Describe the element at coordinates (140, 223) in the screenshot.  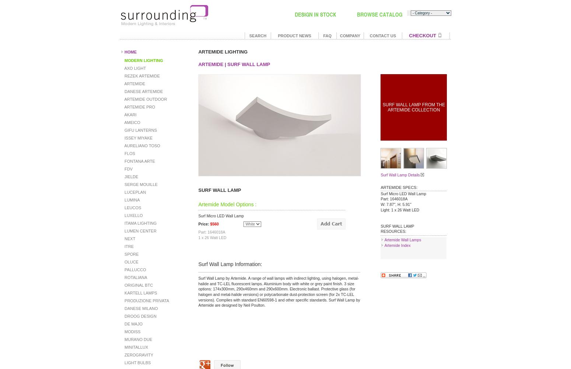
I see `'ITAMA LIGHTING'` at that location.